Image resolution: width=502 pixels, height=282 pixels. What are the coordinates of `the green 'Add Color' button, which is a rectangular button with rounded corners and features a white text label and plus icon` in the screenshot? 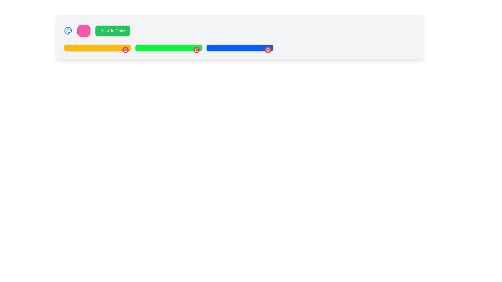 It's located at (112, 31).